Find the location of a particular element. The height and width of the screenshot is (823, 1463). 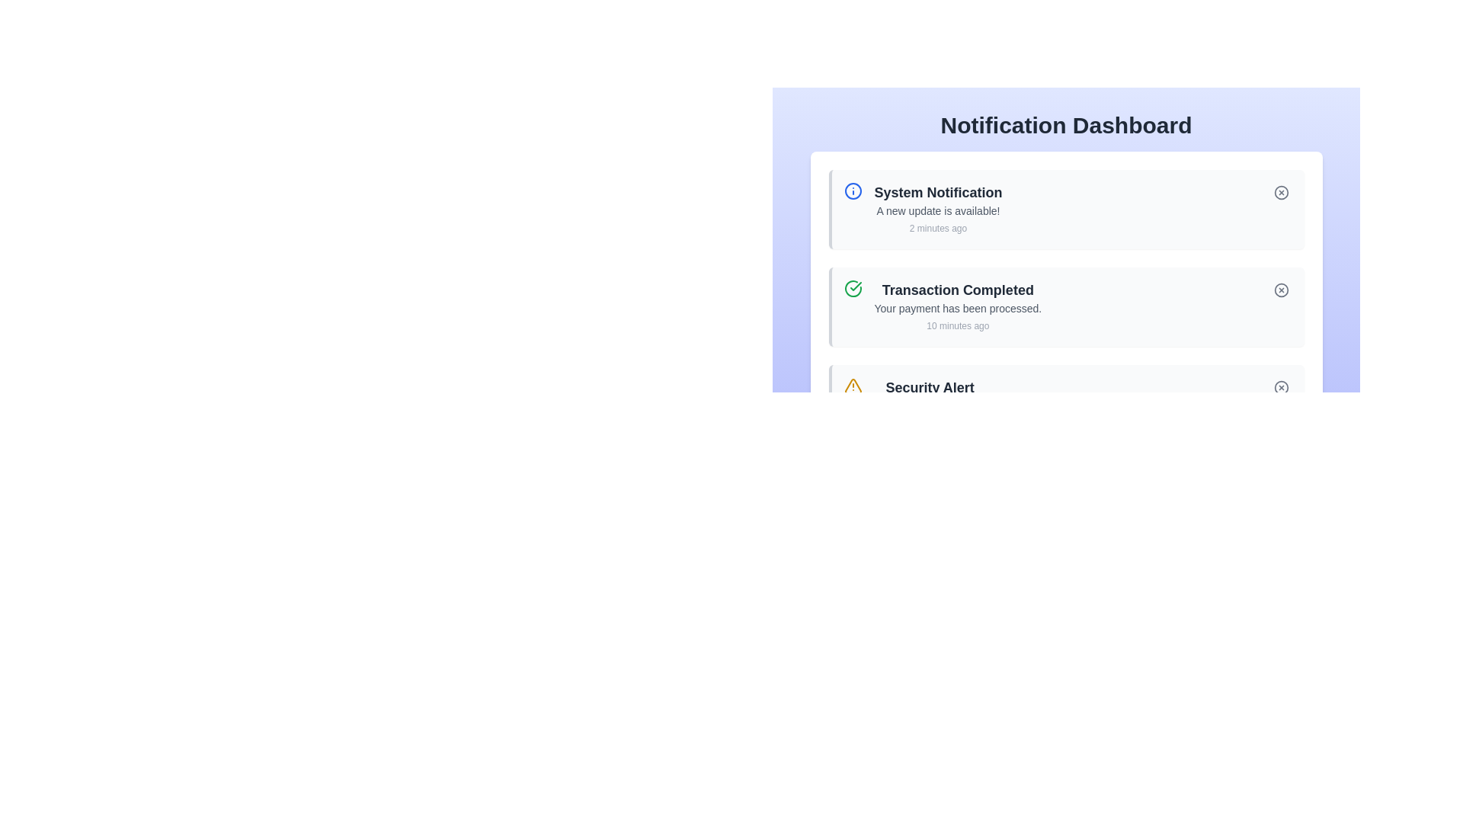

the timestamp text label located in the bottom-right corner of the notification card, below the message 'A new update is available!' is located at coordinates (937, 229).